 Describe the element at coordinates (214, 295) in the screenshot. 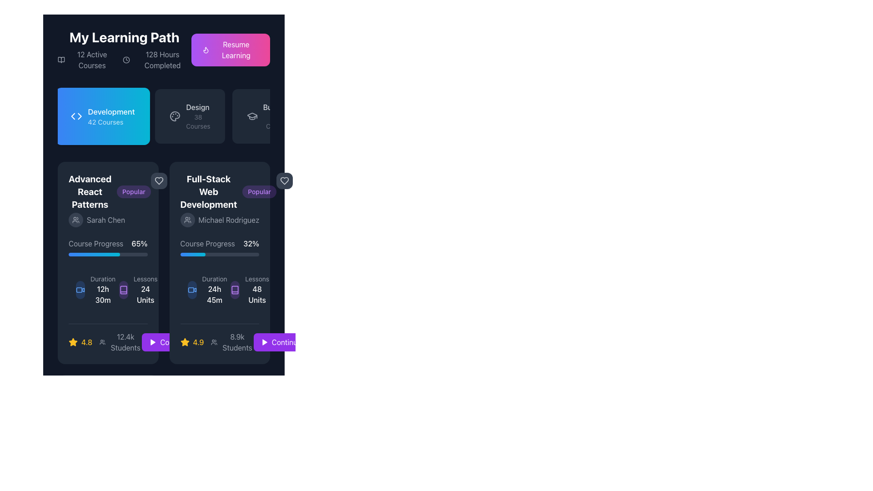

I see `text displaying the time duration of the course located below the 'Duration' text in the course card for 'Full-Stack Web Development'` at that location.